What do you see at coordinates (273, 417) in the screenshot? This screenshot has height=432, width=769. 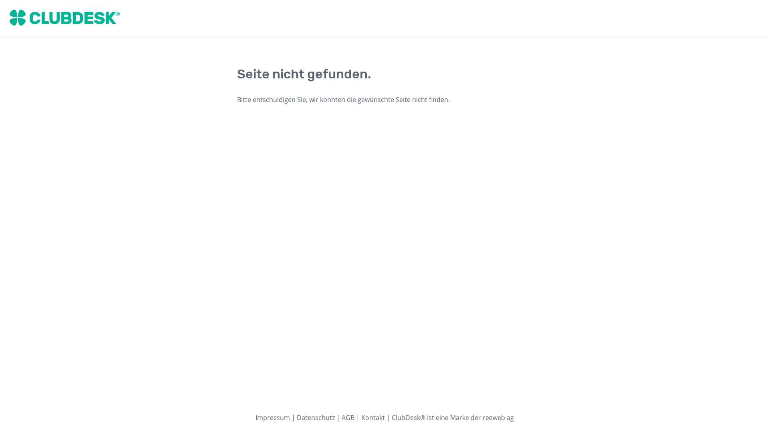 I see `'Impressum'` at bounding box center [273, 417].